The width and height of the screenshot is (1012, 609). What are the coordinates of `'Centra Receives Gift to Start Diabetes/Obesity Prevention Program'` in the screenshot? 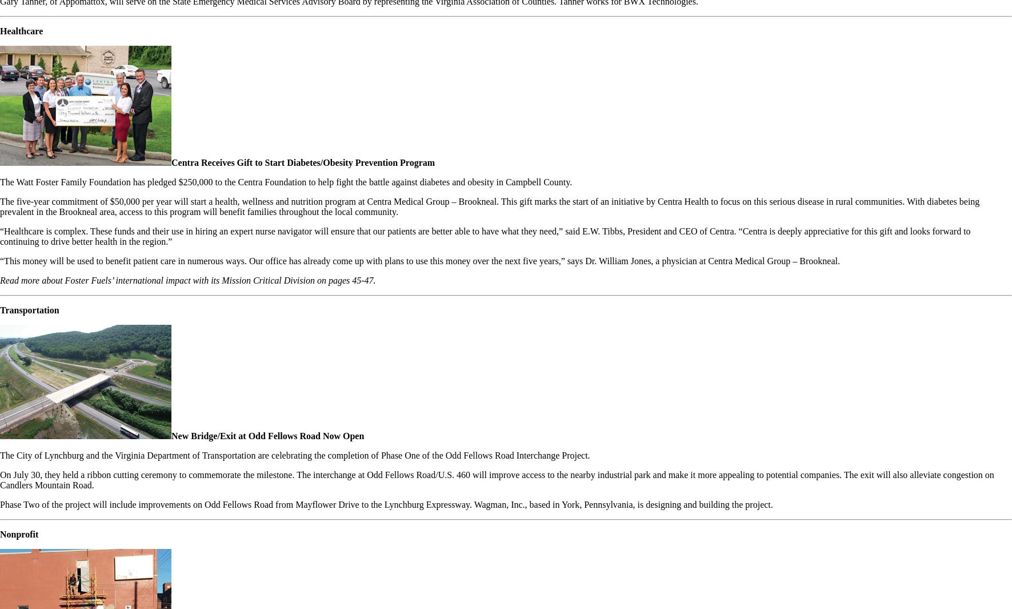 It's located at (171, 162).